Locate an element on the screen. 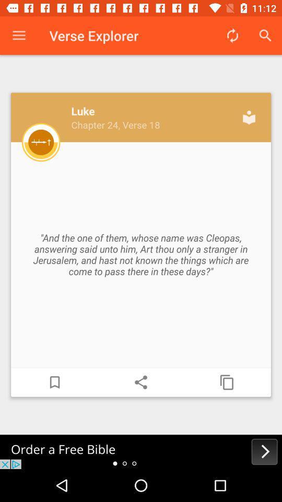  bible advertisement is located at coordinates (141, 451).